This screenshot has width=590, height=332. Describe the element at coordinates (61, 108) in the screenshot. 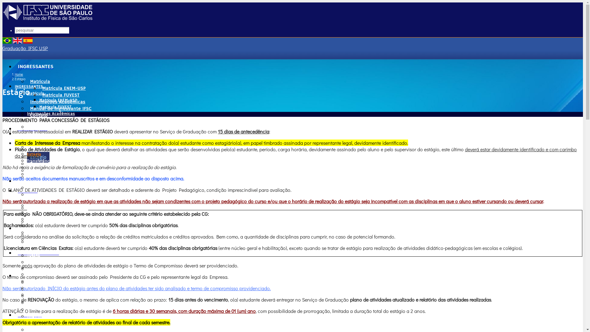

I see `'Manual de Ingressante IFSC'` at that location.